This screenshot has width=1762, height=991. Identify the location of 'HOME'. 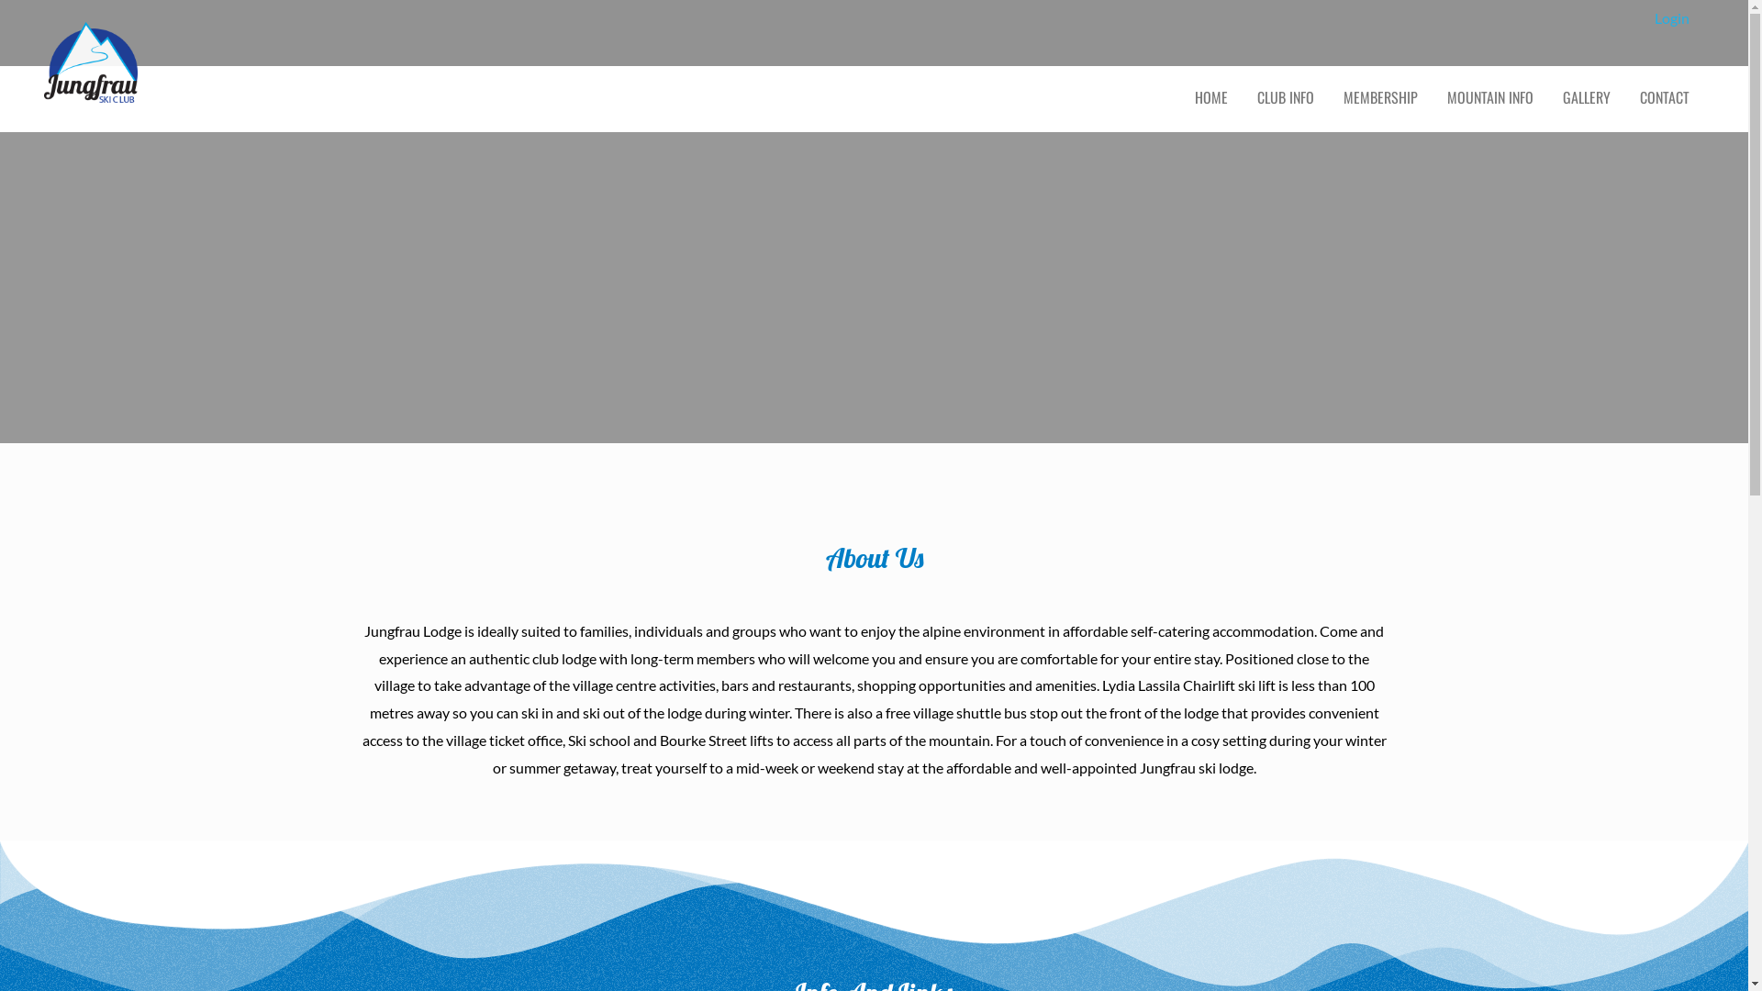
(1211, 96).